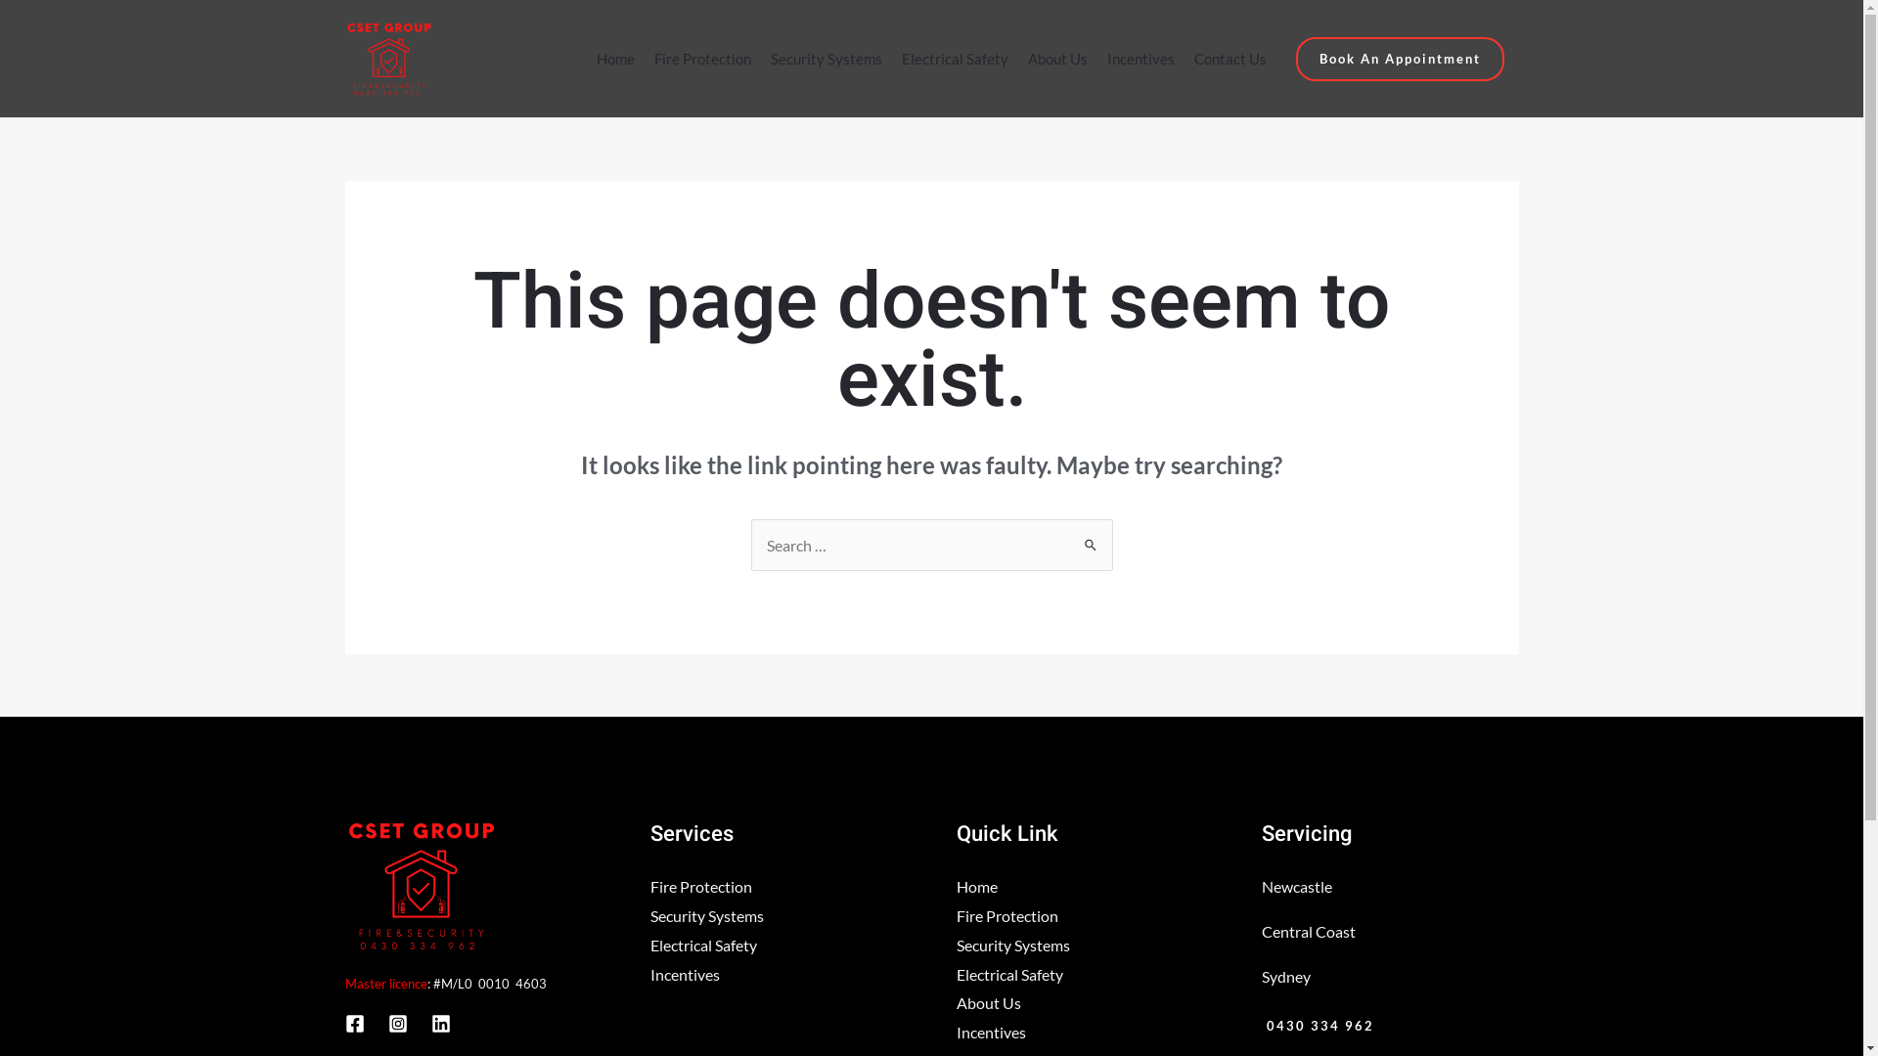 Image resolution: width=1878 pixels, height=1056 pixels. I want to click on 'Contact Us', so click(1229, 58).